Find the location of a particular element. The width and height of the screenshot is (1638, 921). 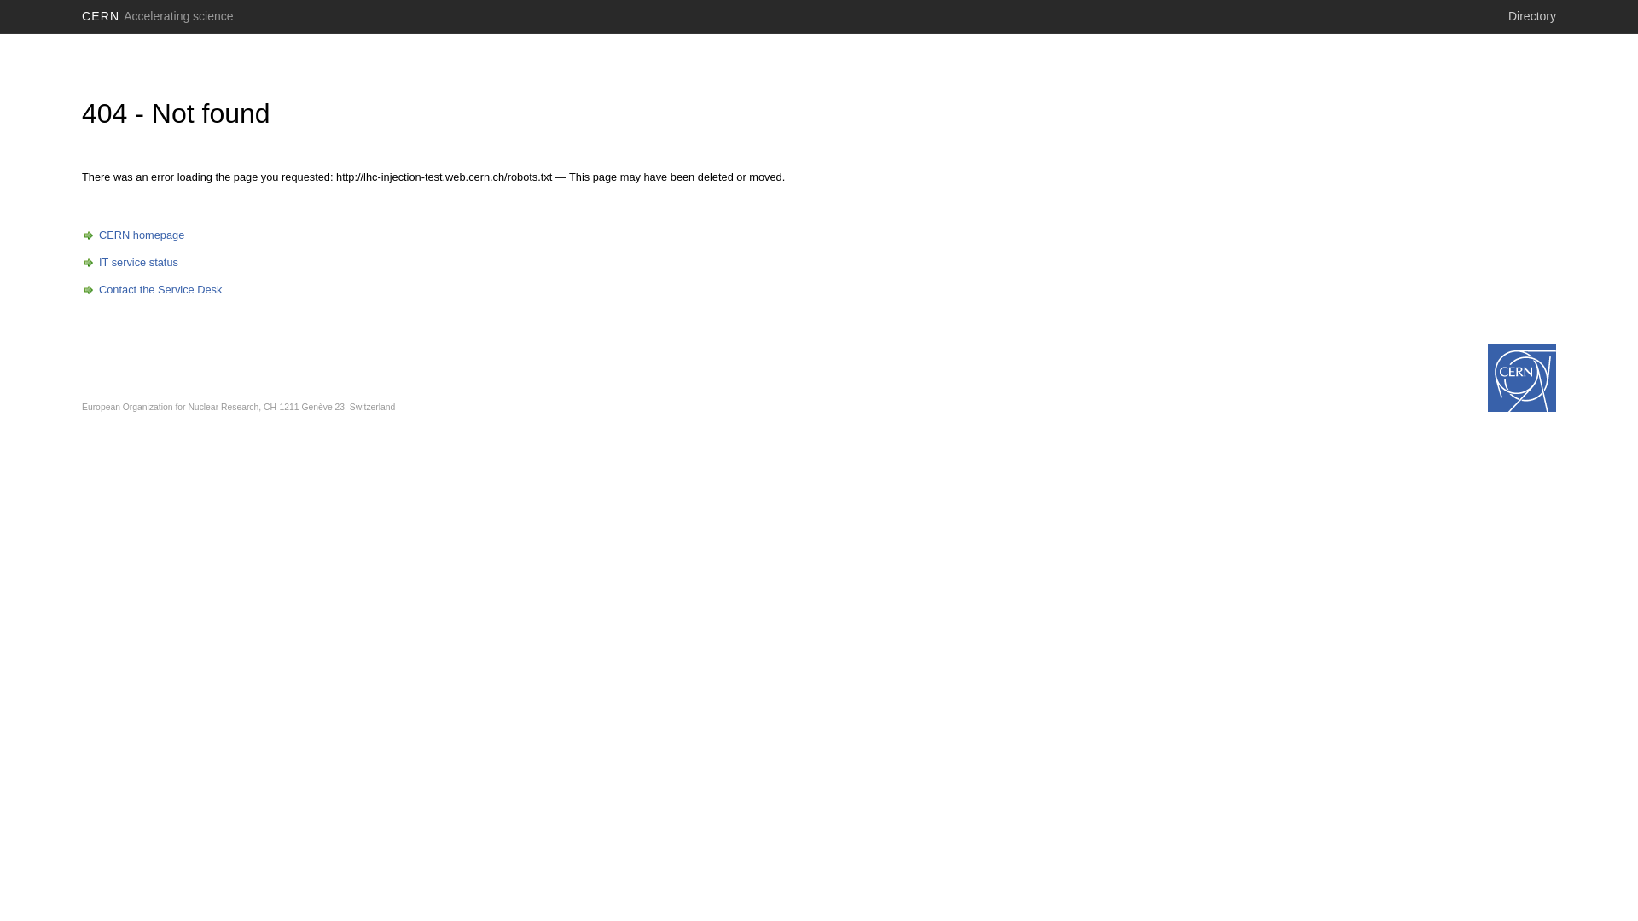

'Contact the Service Desk' is located at coordinates (151, 288).